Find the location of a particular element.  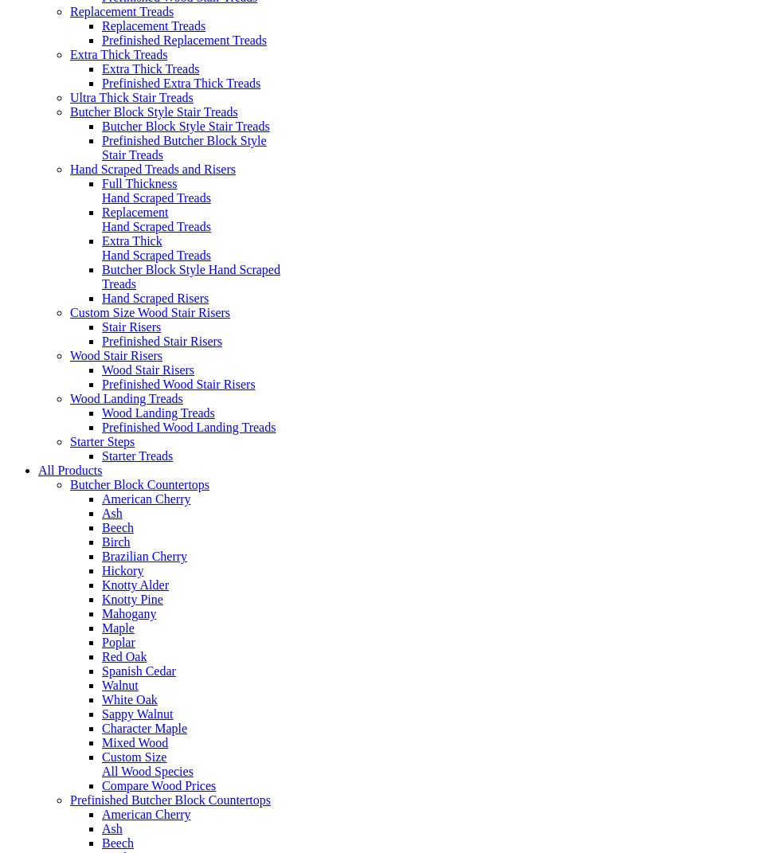

'Butcher Block Style Hand Scraped Treads' is located at coordinates (190, 276).